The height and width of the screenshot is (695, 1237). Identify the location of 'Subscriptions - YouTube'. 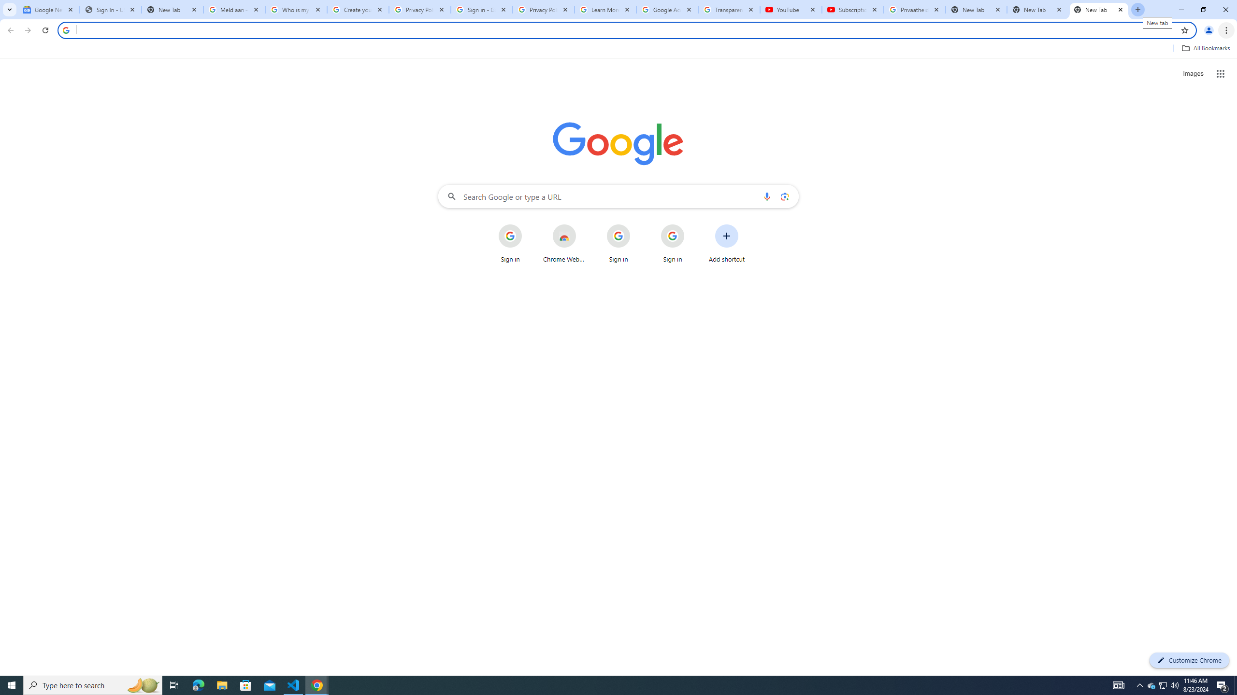
(853, 9).